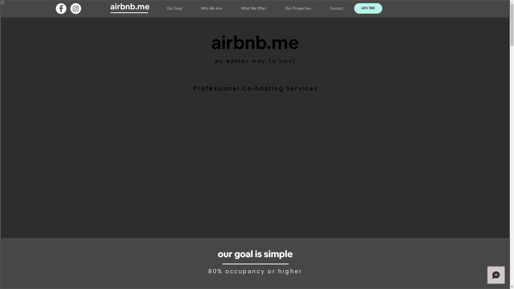 The width and height of the screenshot is (514, 289). Describe the element at coordinates (336, 8) in the screenshot. I see `'Contact'` at that location.